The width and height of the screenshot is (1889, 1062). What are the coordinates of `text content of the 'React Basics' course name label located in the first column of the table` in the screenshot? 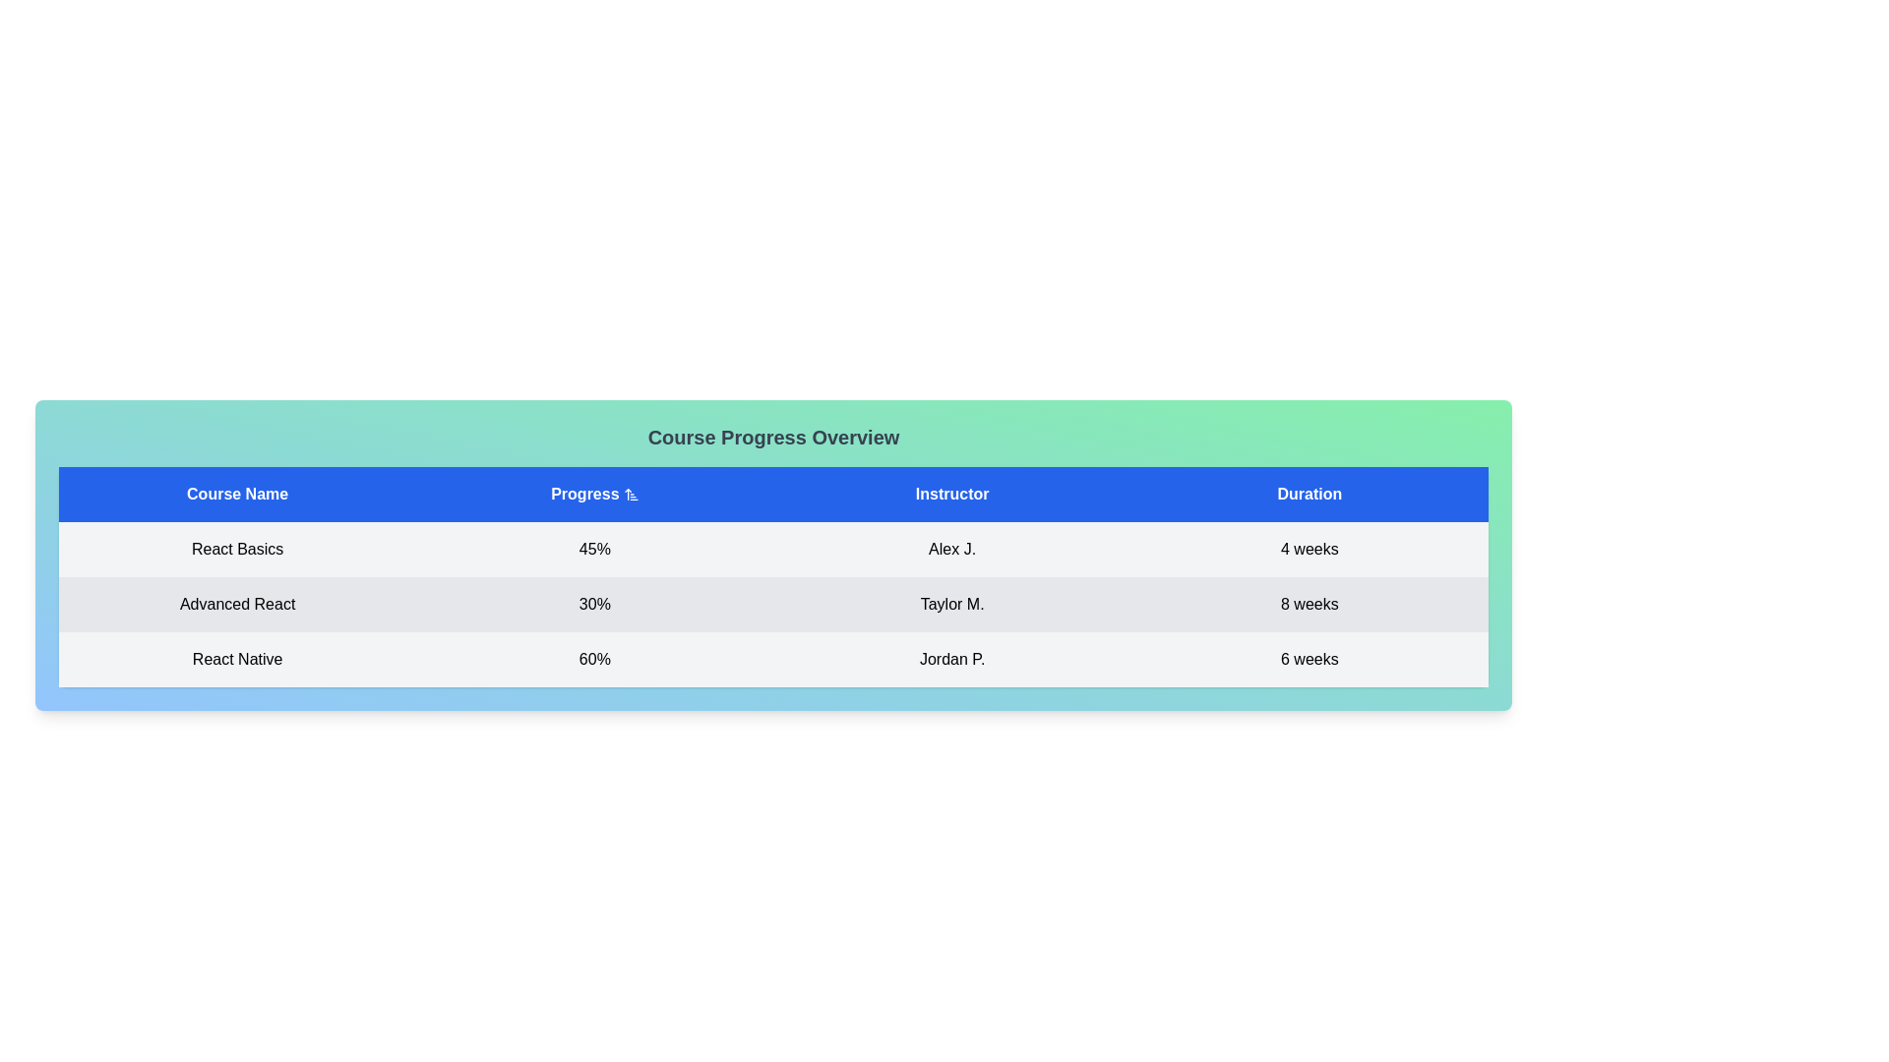 It's located at (236, 550).